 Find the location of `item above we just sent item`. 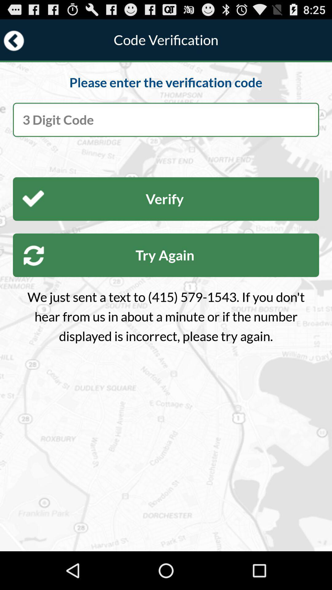

item above we just sent item is located at coordinates (166, 255).